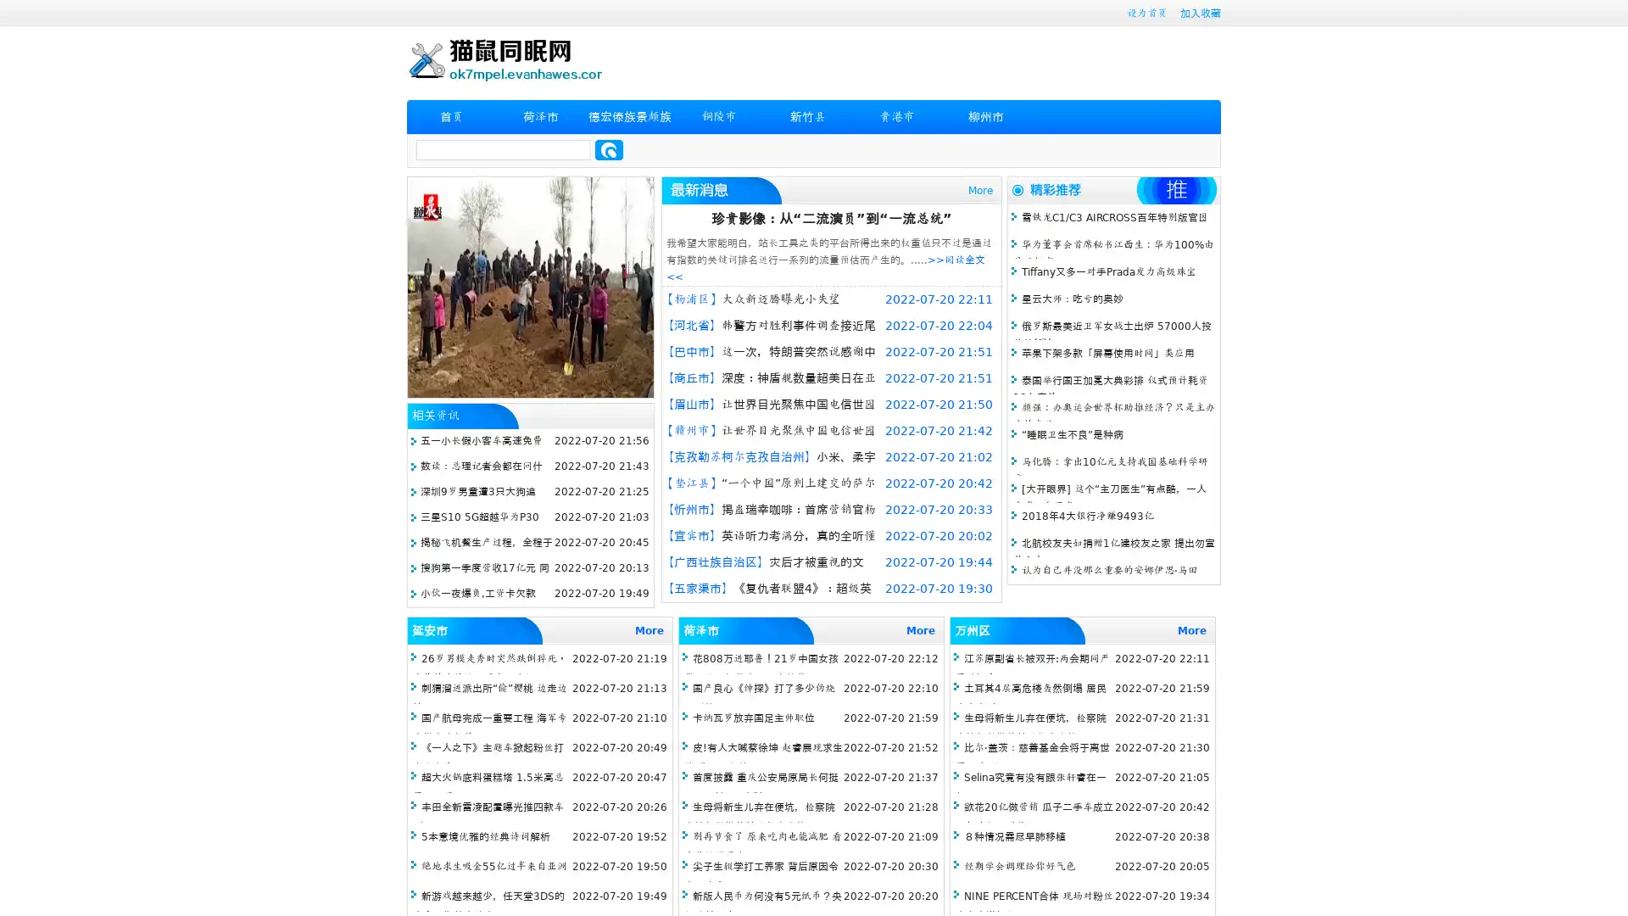  What do you see at coordinates (609, 149) in the screenshot?
I see `Search` at bounding box center [609, 149].